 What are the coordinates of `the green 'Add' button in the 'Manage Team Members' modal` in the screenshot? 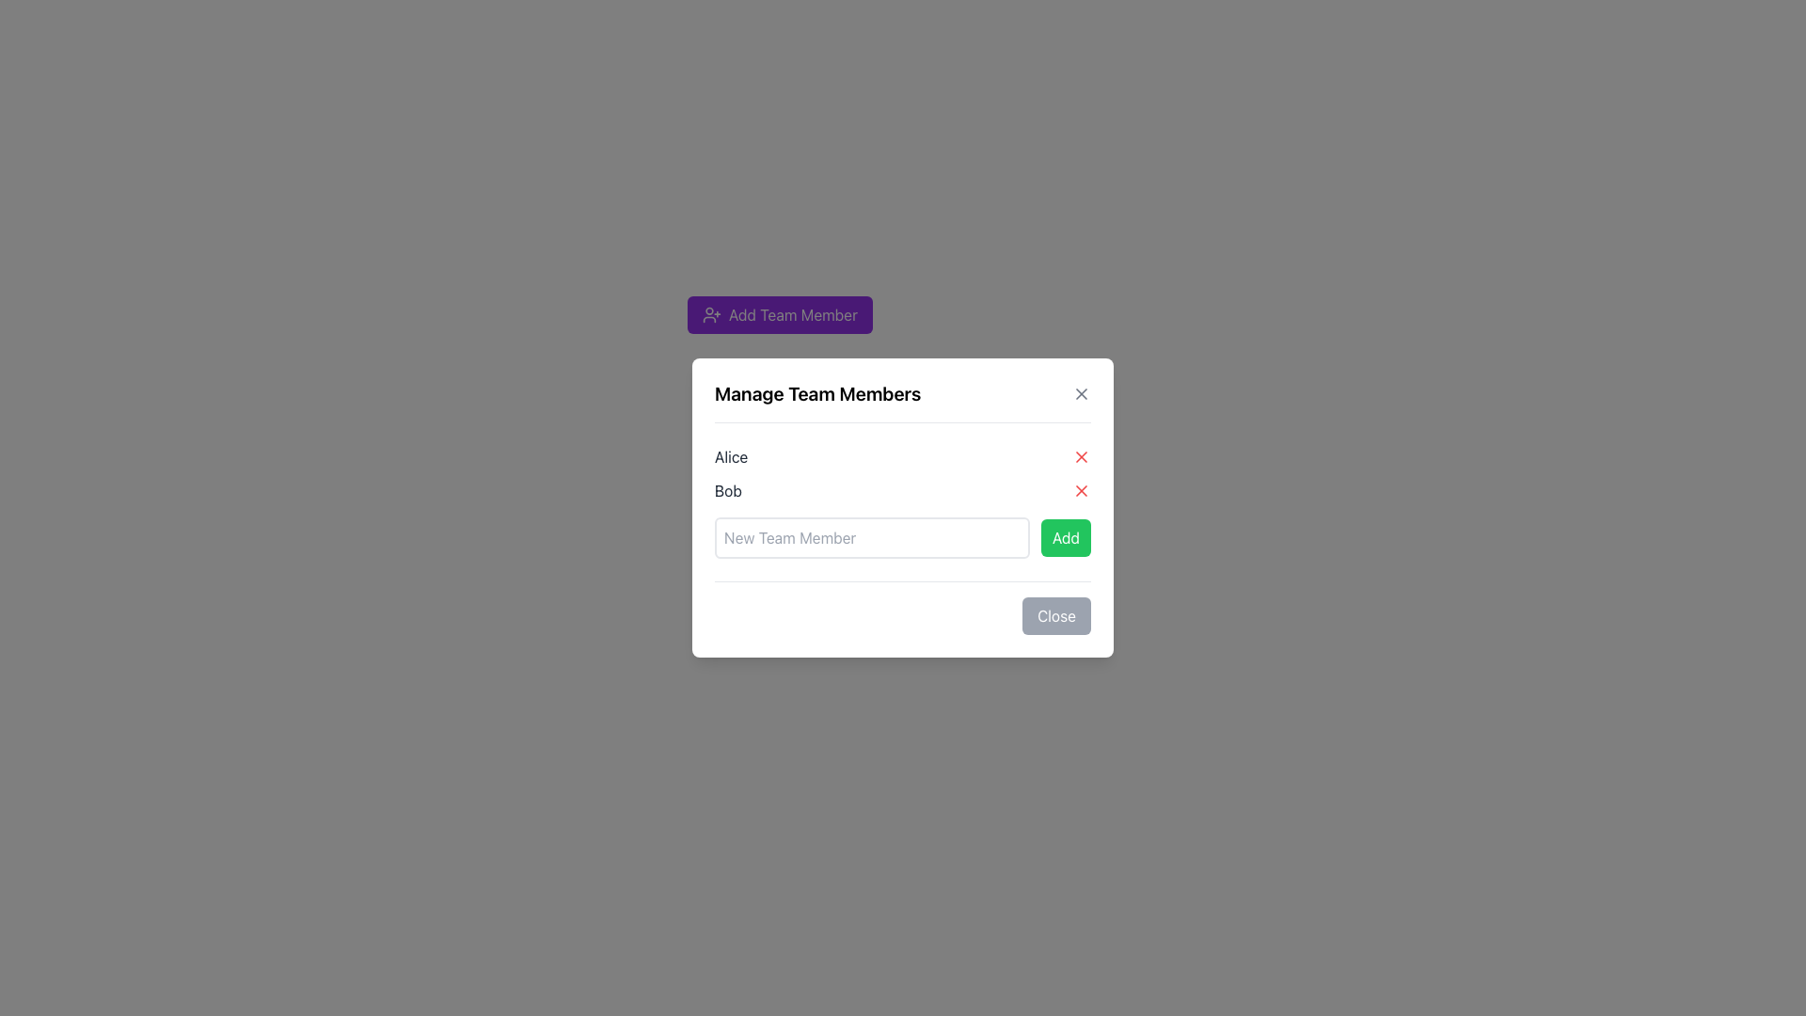 It's located at (1066, 537).